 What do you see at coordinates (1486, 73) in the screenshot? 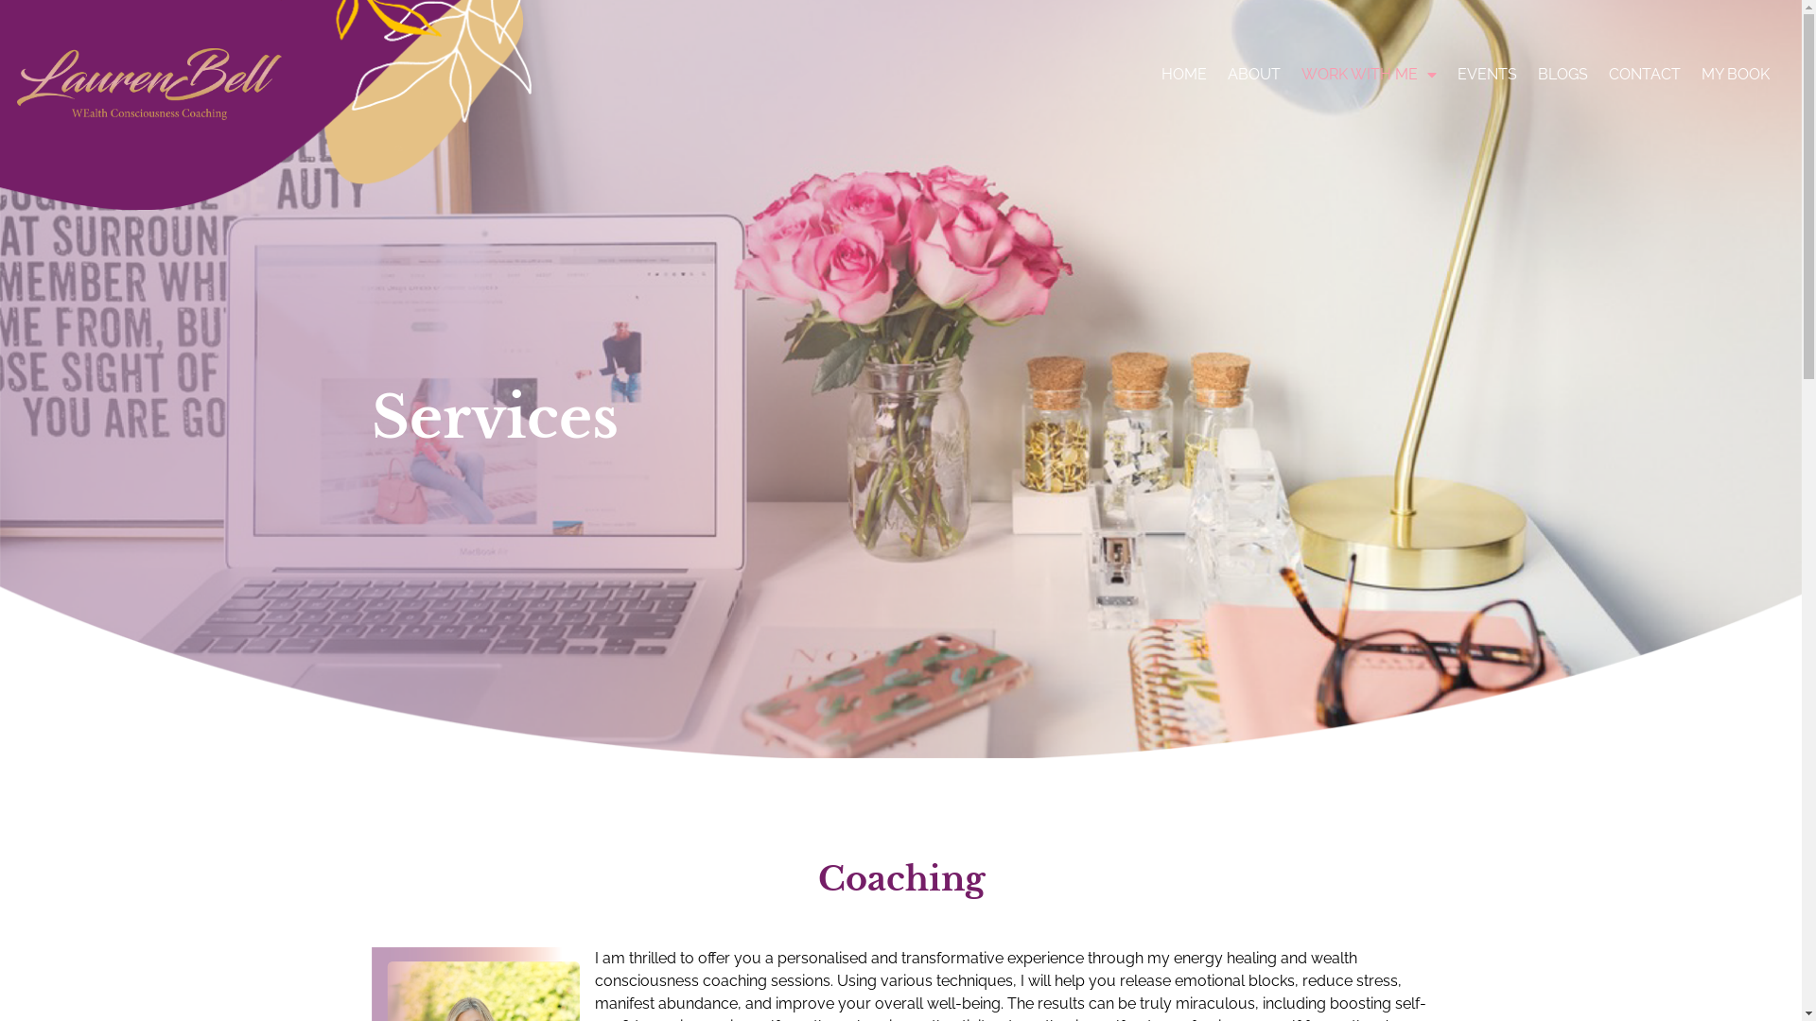
I see `'EVENTS'` at bounding box center [1486, 73].